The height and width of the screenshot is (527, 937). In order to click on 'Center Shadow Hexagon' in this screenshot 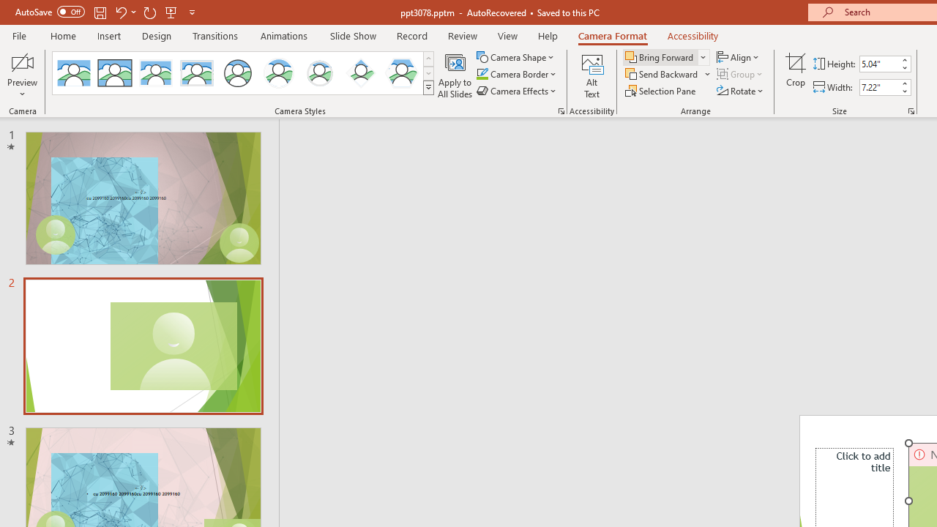, I will do `click(402, 73)`.